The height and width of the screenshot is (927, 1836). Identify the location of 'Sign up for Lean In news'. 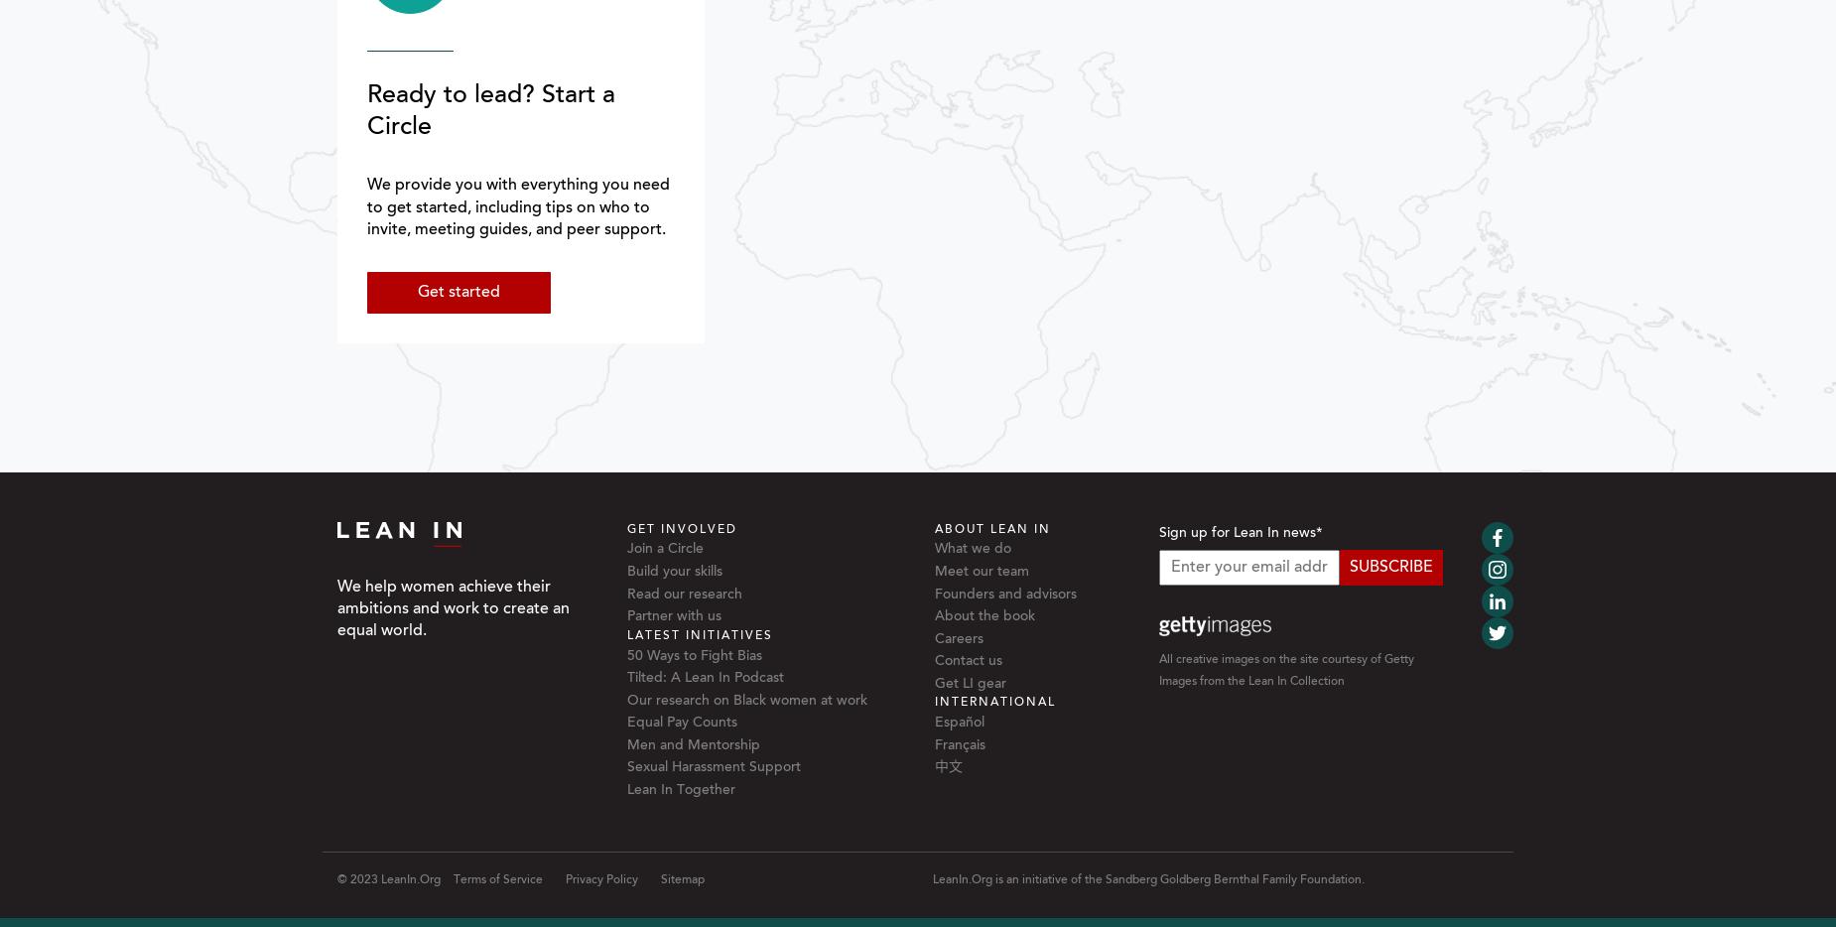
(1237, 532).